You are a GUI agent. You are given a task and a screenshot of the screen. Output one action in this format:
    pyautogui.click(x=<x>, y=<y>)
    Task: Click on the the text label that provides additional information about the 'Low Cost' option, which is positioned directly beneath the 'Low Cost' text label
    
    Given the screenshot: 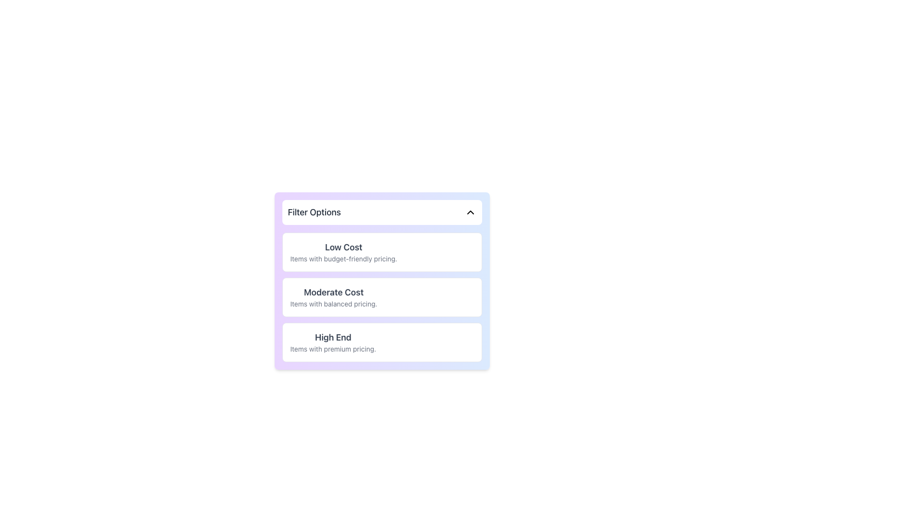 What is the action you would take?
    pyautogui.click(x=343, y=259)
    